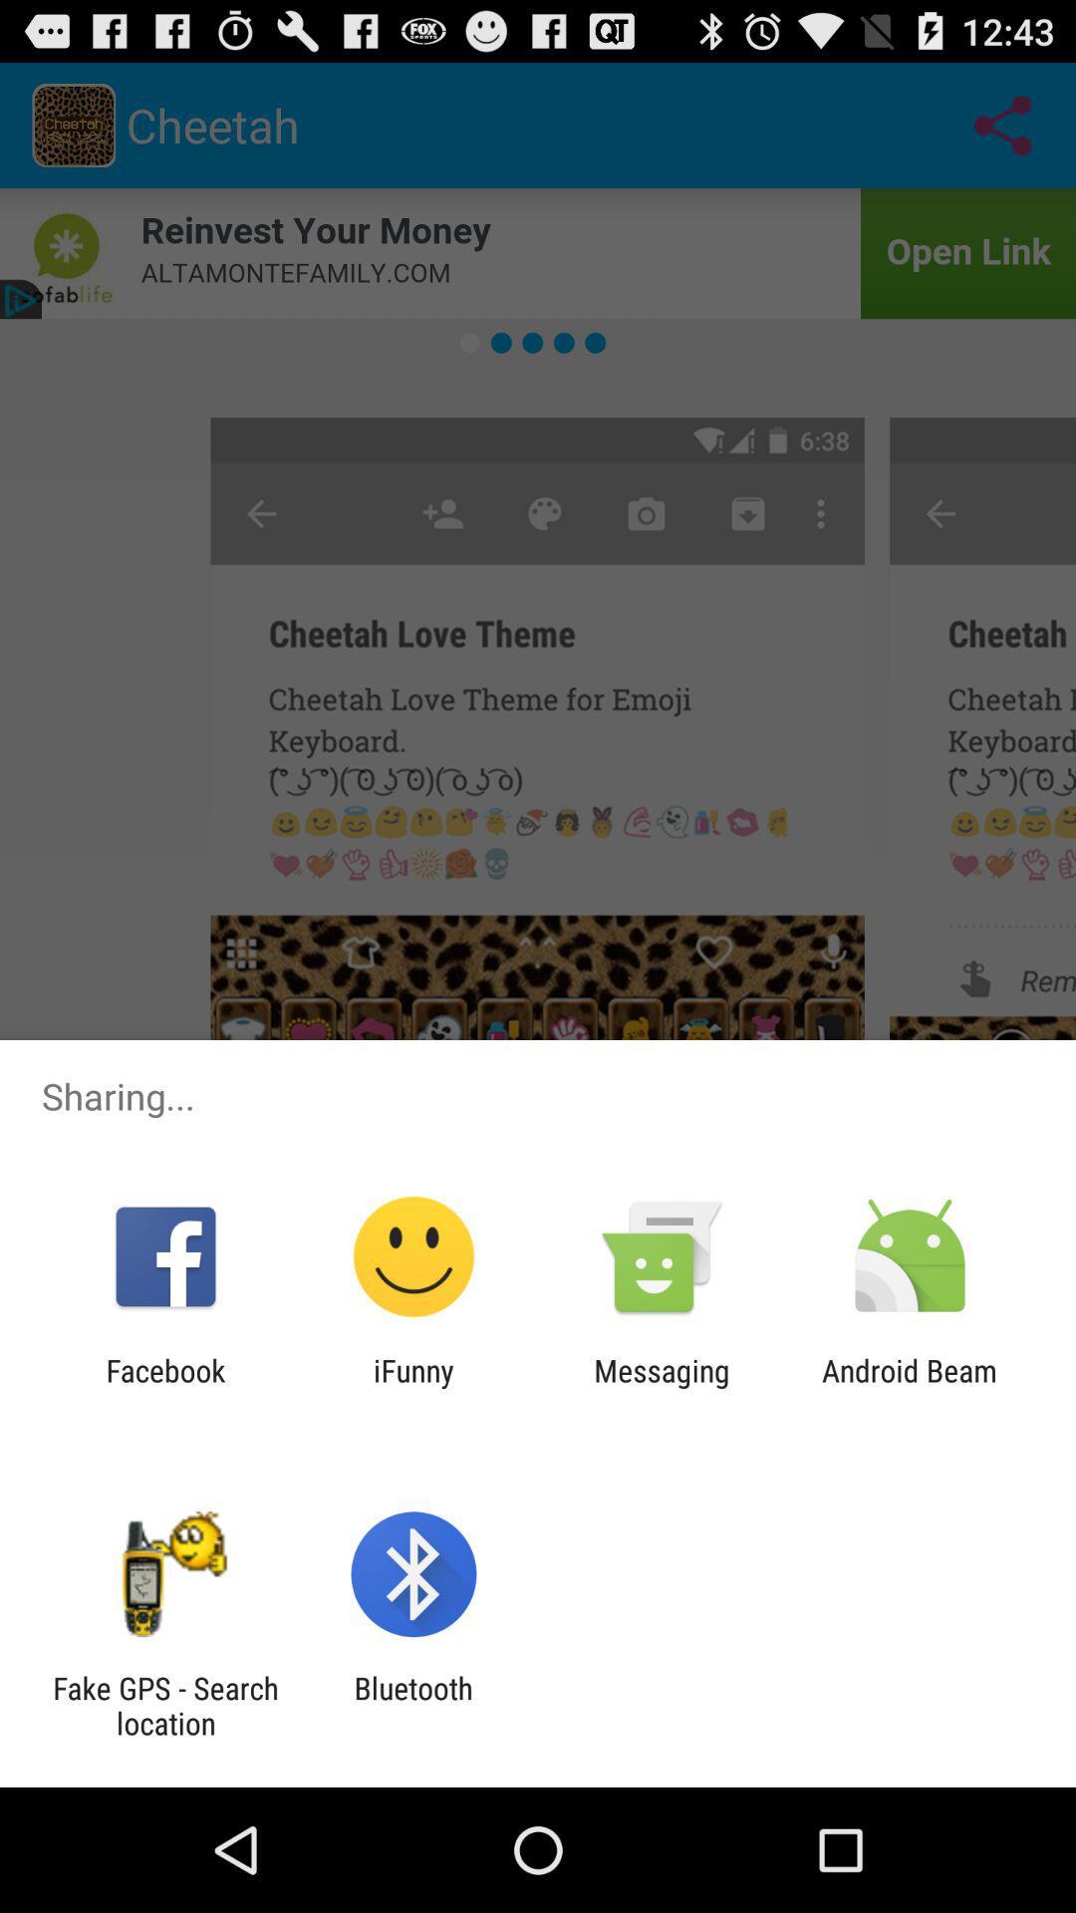 The height and width of the screenshot is (1913, 1076). Describe the element at coordinates (412, 1387) in the screenshot. I see `the ifunny item` at that location.